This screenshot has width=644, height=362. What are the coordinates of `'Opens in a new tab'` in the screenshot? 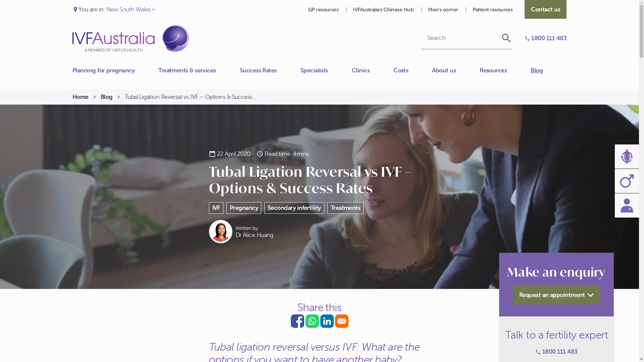 It's located at (312, 320).